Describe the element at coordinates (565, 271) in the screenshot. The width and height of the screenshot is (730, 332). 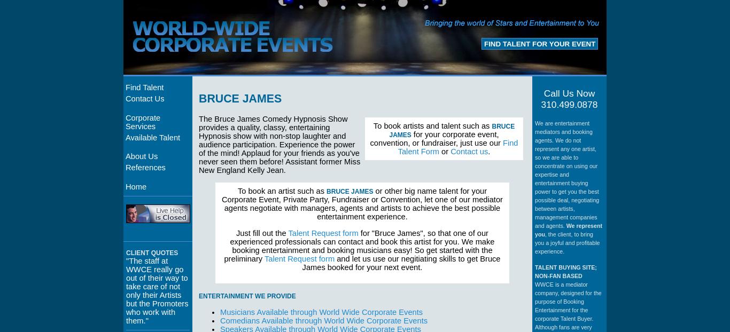
I see `'TALENT BUYING SITE; NON-FAN BASED'` at that location.